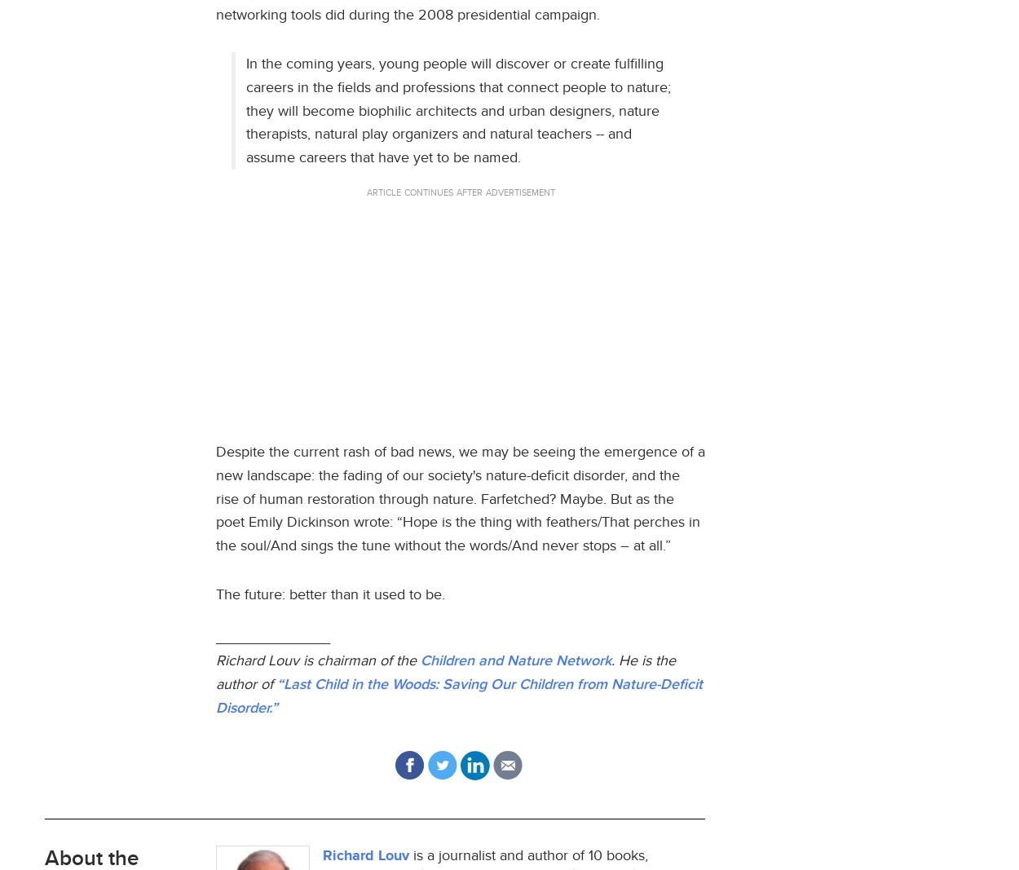  Describe the element at coordinates (272, 635) in the screenshot. I see `'______________'` at that location.